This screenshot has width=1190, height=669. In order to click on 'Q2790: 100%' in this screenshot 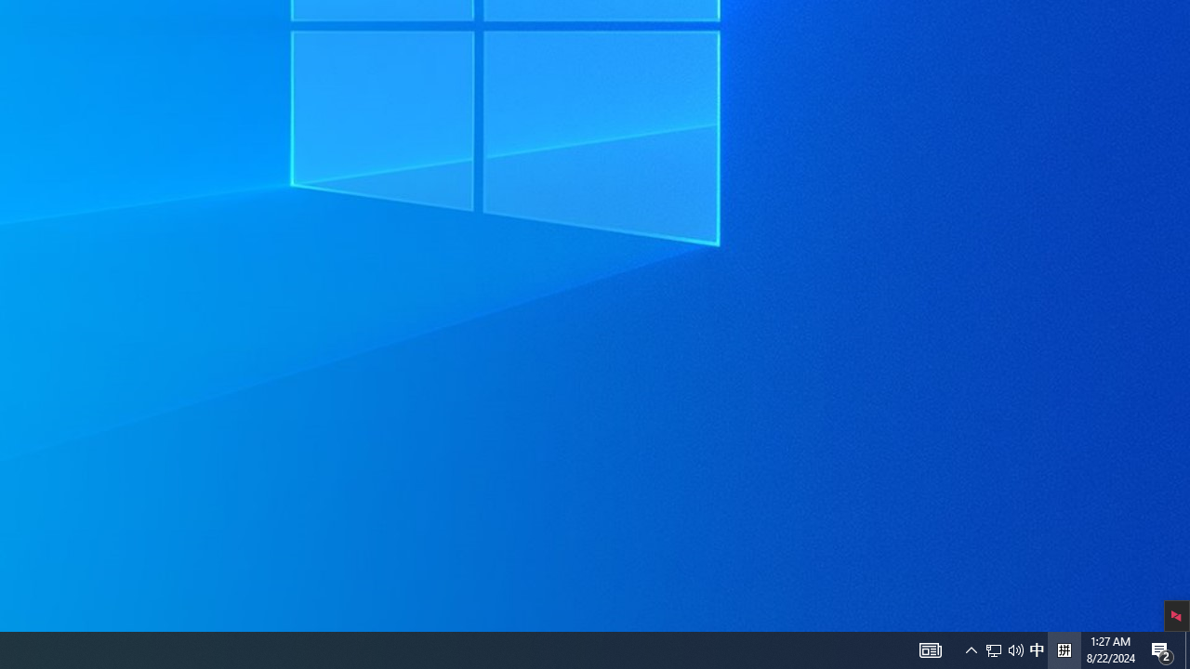, I will do `click(1015, 649)`.